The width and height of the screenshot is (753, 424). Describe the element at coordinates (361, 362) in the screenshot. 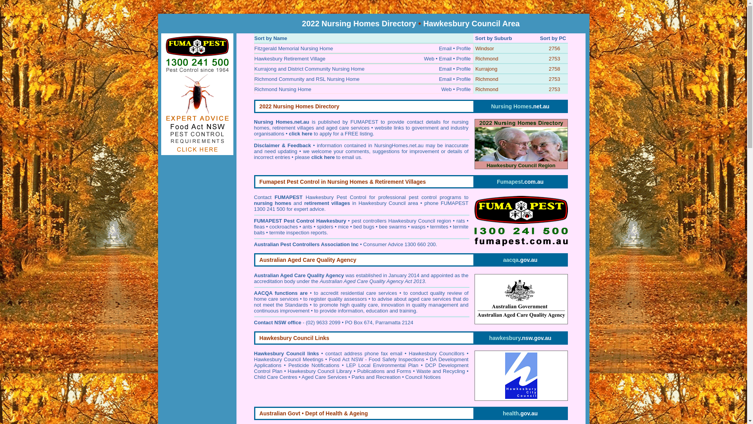

I see `'DA Development Applications'` at that location.